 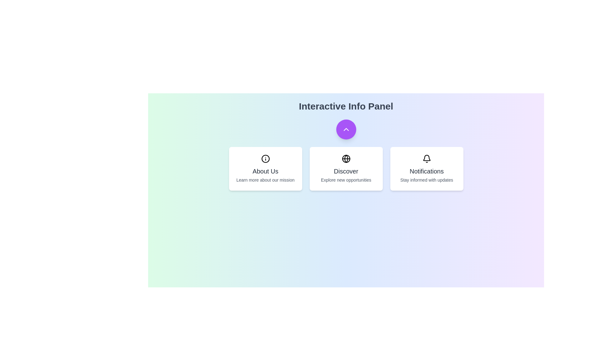 I want to click on the 'Discover' card to explore new opportunities, so click(x=346, y=168).